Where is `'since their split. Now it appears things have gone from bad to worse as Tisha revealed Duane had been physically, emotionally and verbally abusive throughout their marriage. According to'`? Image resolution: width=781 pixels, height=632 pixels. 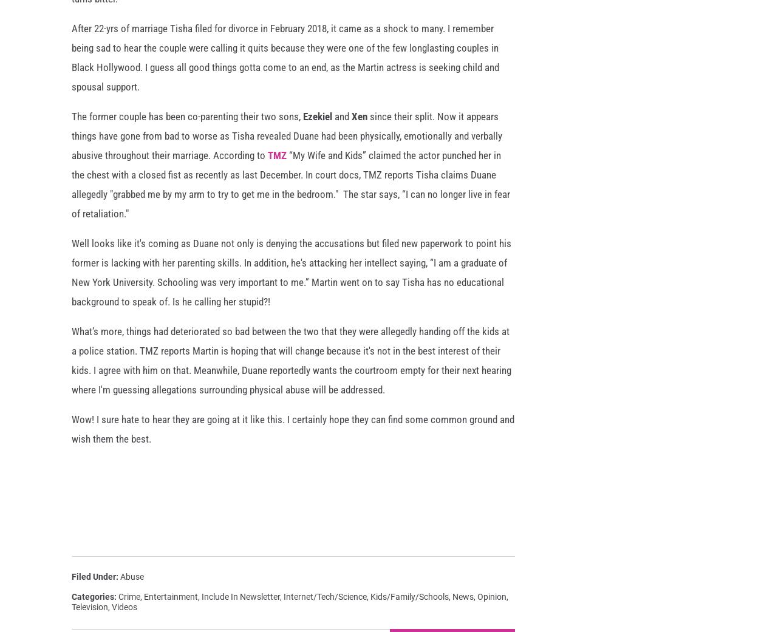 'since their split. Now it appears things have gone from bad to worse as Tisha revealed Duane had been physically, emotionally and verbally abusive throughout their marriage. According to' is located at coordinates (286, 143).